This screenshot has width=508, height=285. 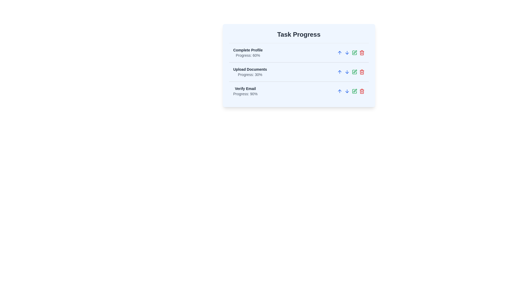 What do you see at coordinates (250, 74) in the screenshot?
I see `the text label displaying 'Progress: 30%' which is located below the 'Upload Documents' label in the 'Task Progress' section` at bounding box center [250, 74].